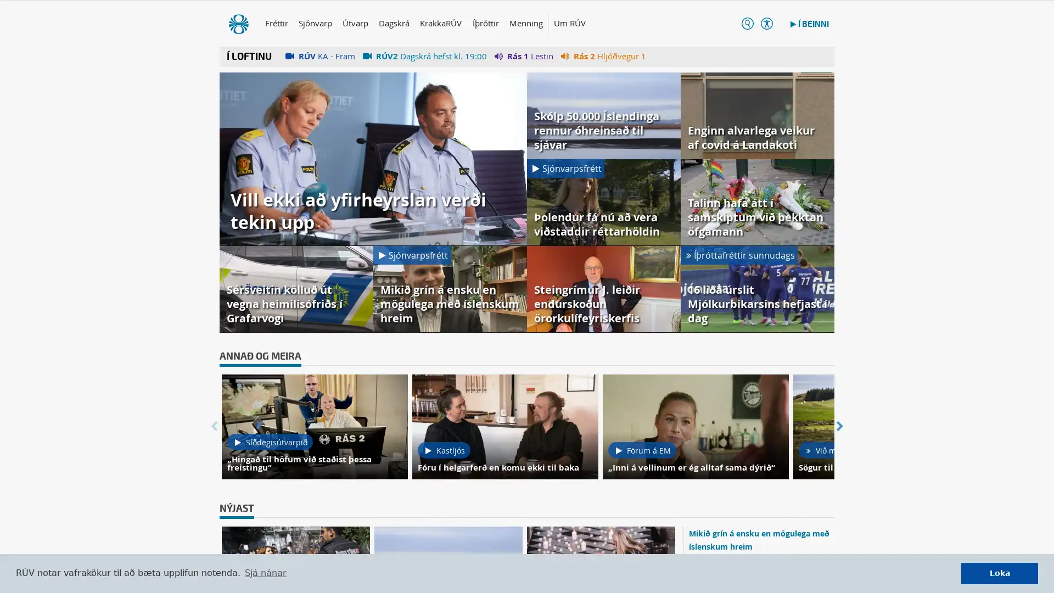 The height and width of the screenshot is (593, 1054). What do you see at coordinates (265, 573) in the screenshot?
I see `learn more about cookies` at bounding box center [265, 573].